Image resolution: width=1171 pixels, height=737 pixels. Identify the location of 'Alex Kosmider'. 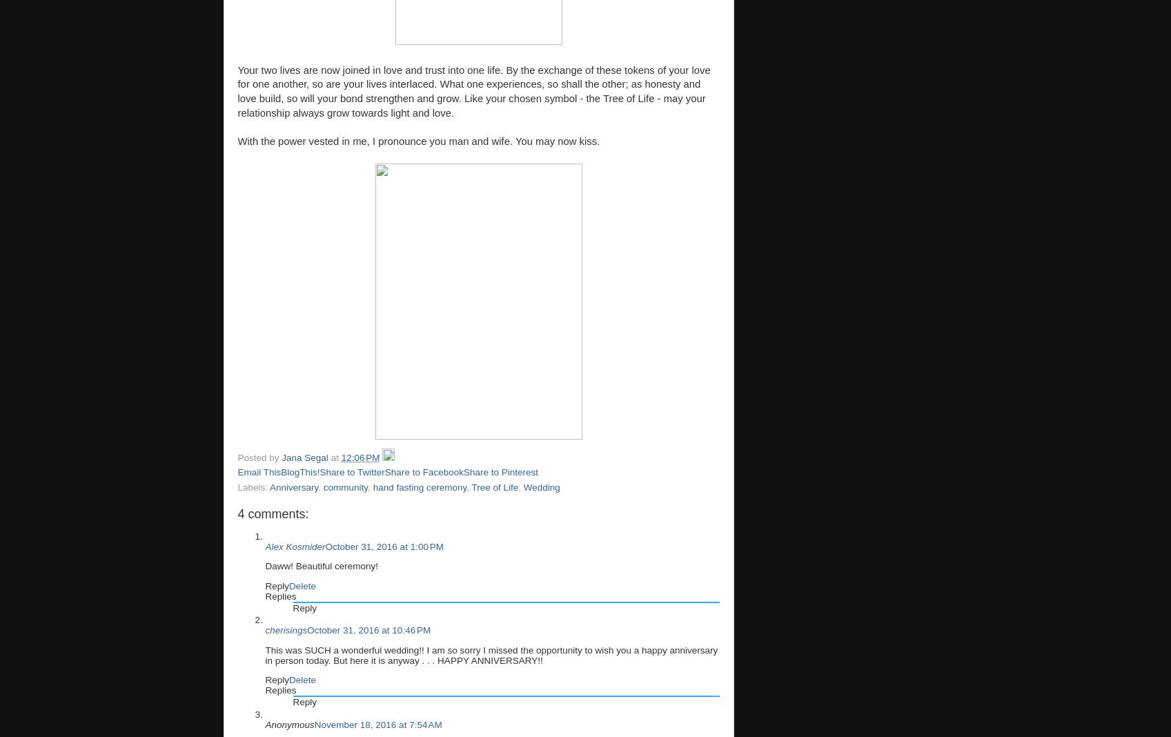
(294, 546).